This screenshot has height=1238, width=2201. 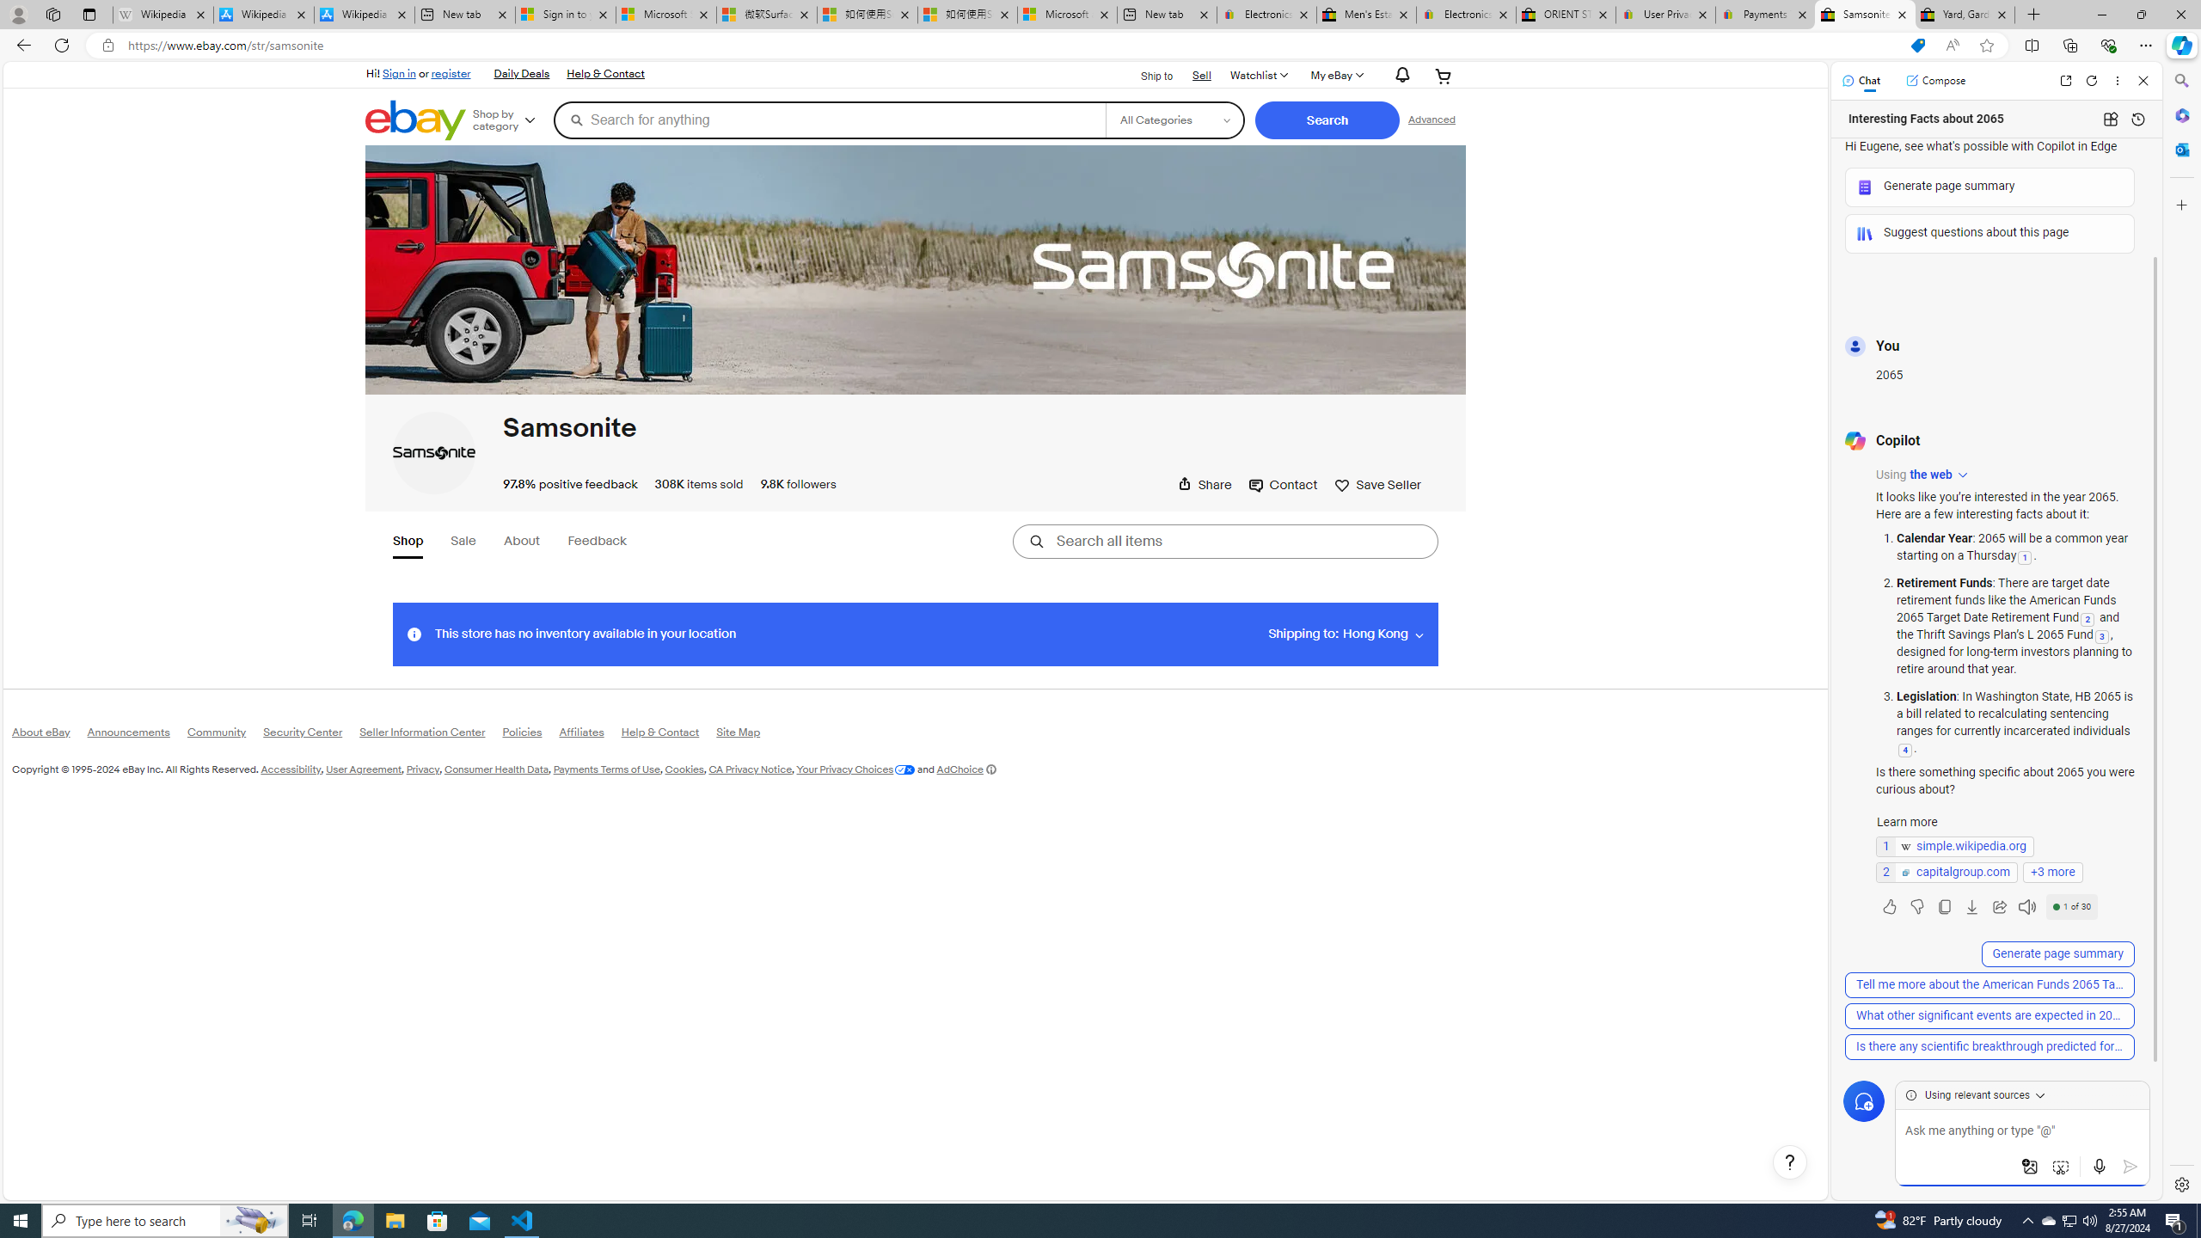 What do you see at coordinates (750, 768) in the screenshot?
I see `'CA Privacy Notice'` at bounding box center [750, 768].